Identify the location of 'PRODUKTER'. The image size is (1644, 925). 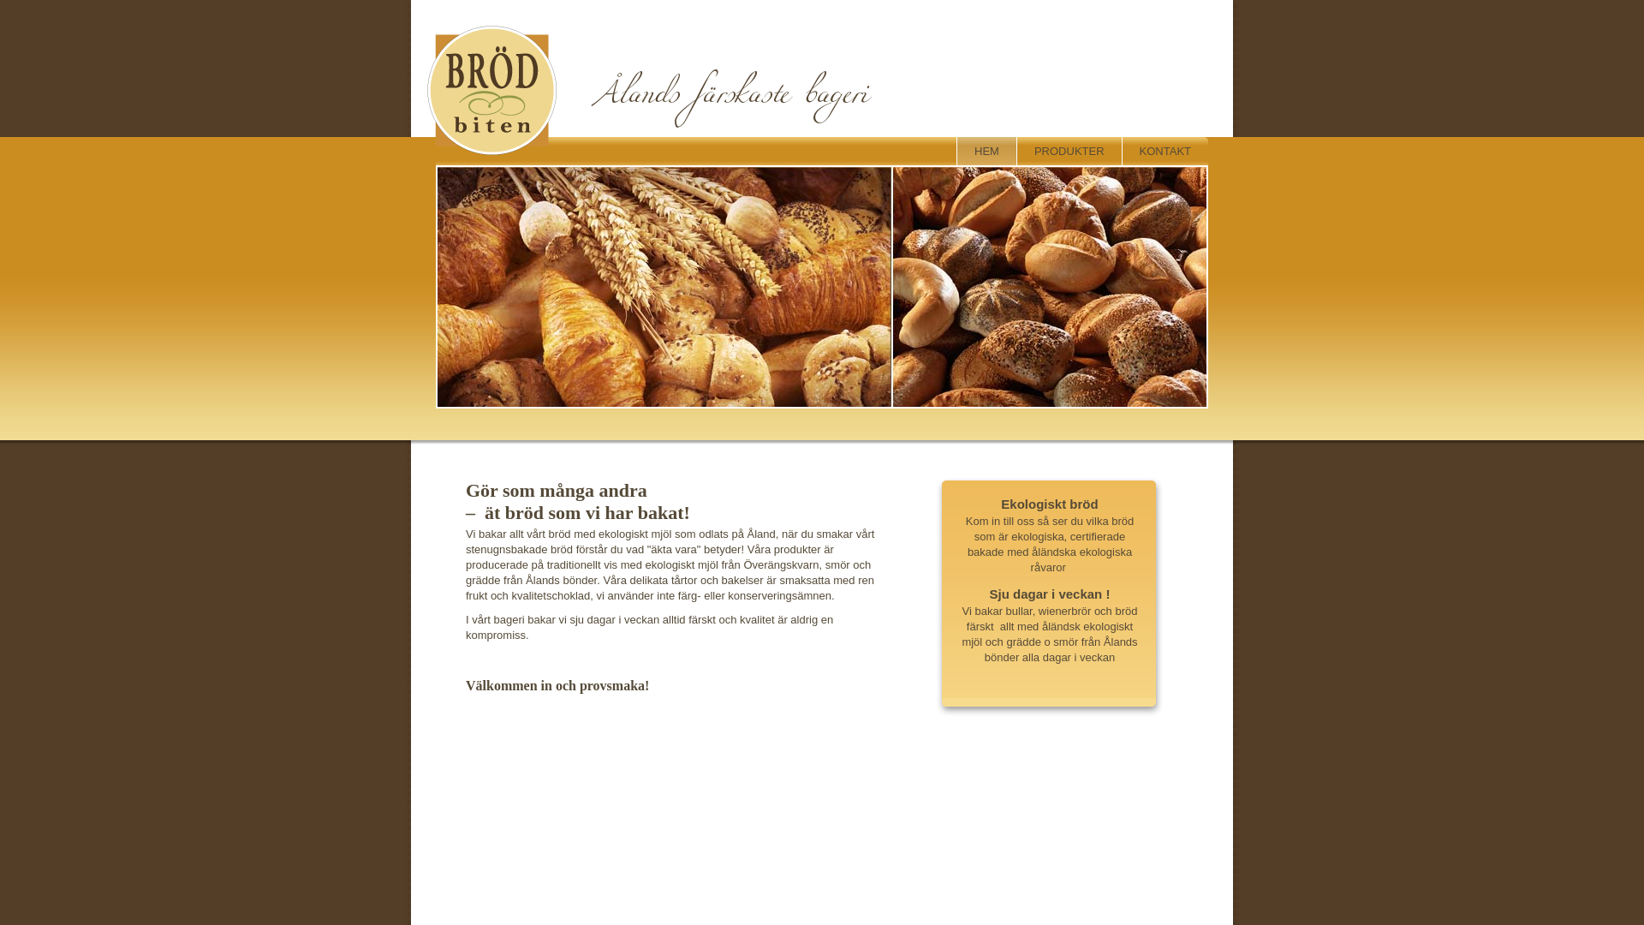
(1068, 150).